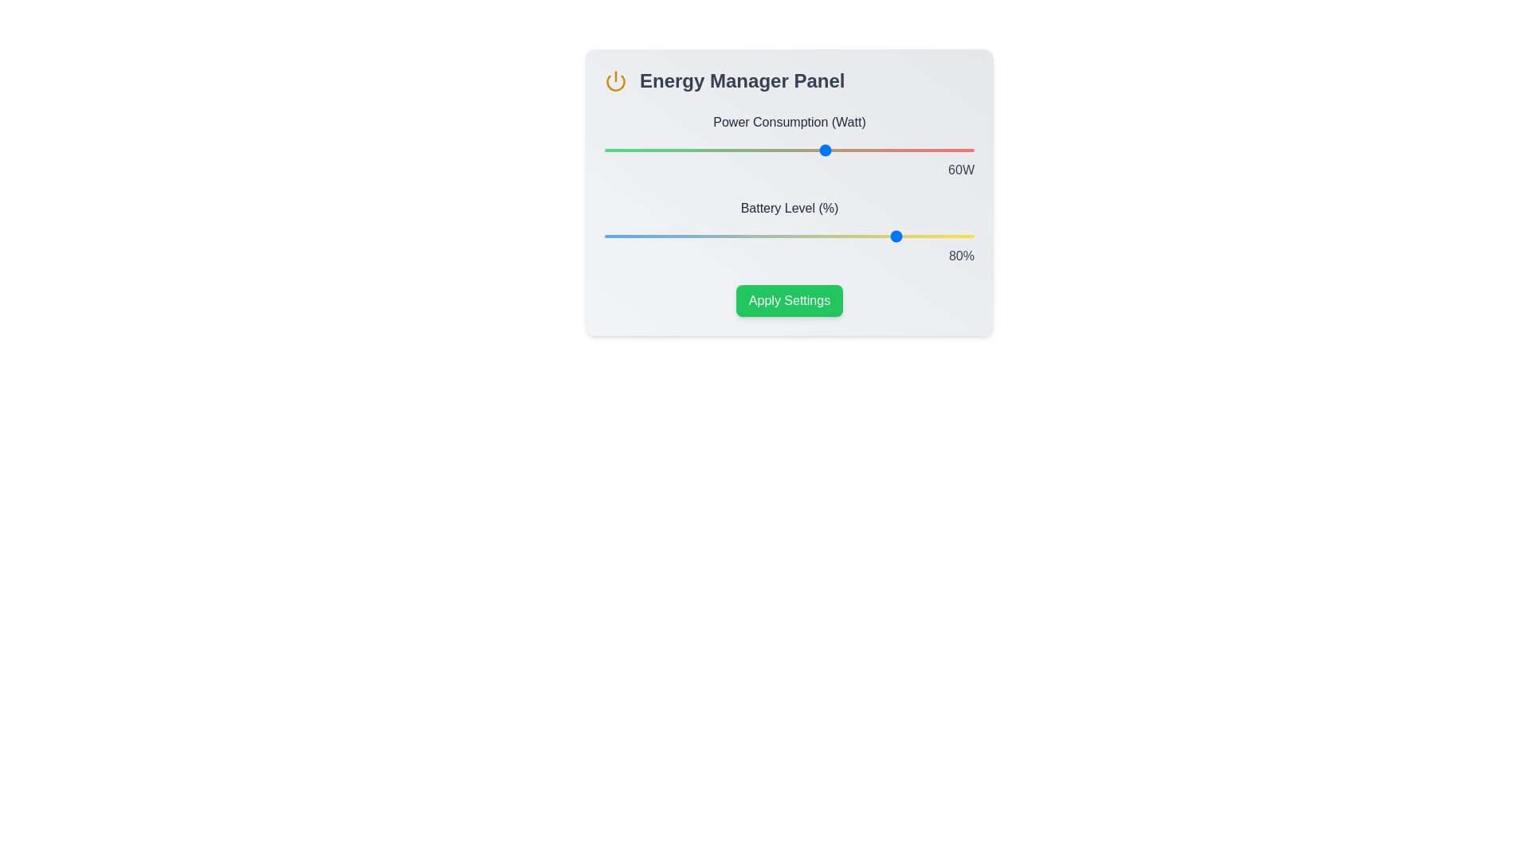  What do you see at coordinates (793, 236) in the screenshot?
I see `the battery level slider to 51%` at bounding box center [793, 236].